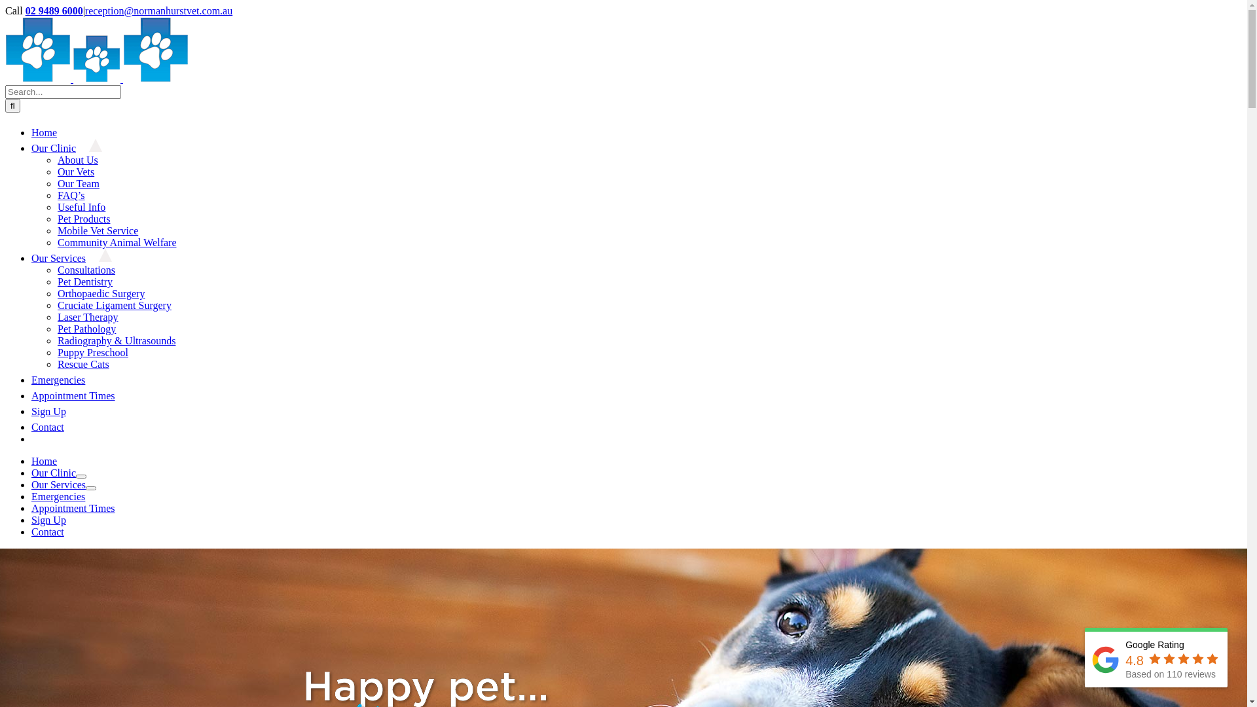 This screenshot has height=707, width=1257. What do you see at coordinates (84, 10) in the screenshot?
I see `'reception@normanhurstvet.com.au'` at bounding box center [84, 10].